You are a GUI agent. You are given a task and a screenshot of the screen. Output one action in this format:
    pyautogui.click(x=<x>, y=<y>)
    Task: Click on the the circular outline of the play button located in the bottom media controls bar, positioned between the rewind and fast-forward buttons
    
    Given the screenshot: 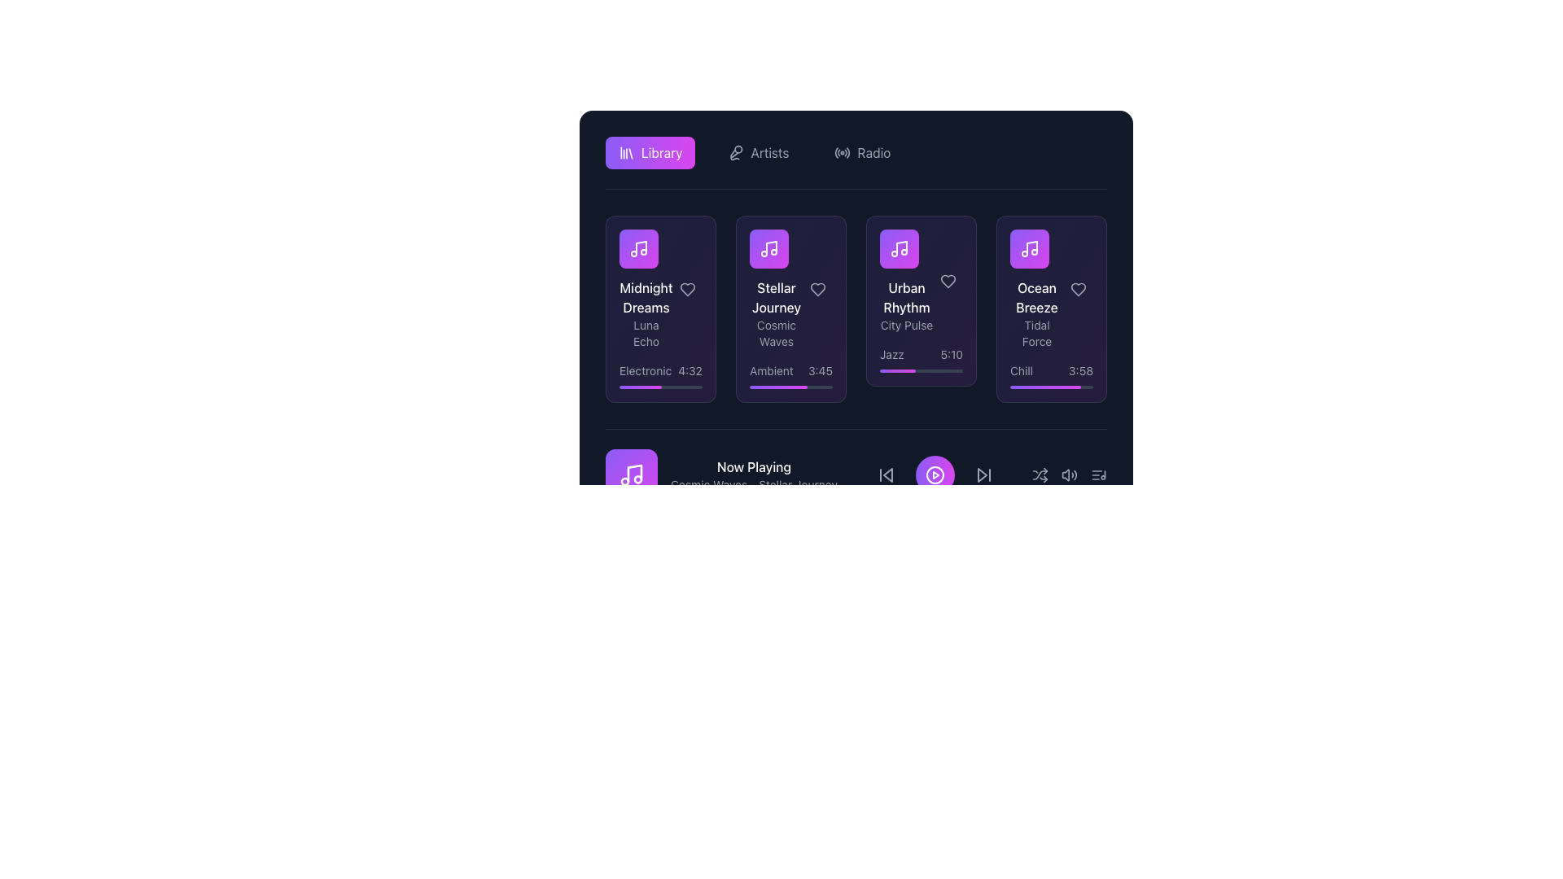 What is the action you would take?
    pyautogui.click(x=935, y=474)
    